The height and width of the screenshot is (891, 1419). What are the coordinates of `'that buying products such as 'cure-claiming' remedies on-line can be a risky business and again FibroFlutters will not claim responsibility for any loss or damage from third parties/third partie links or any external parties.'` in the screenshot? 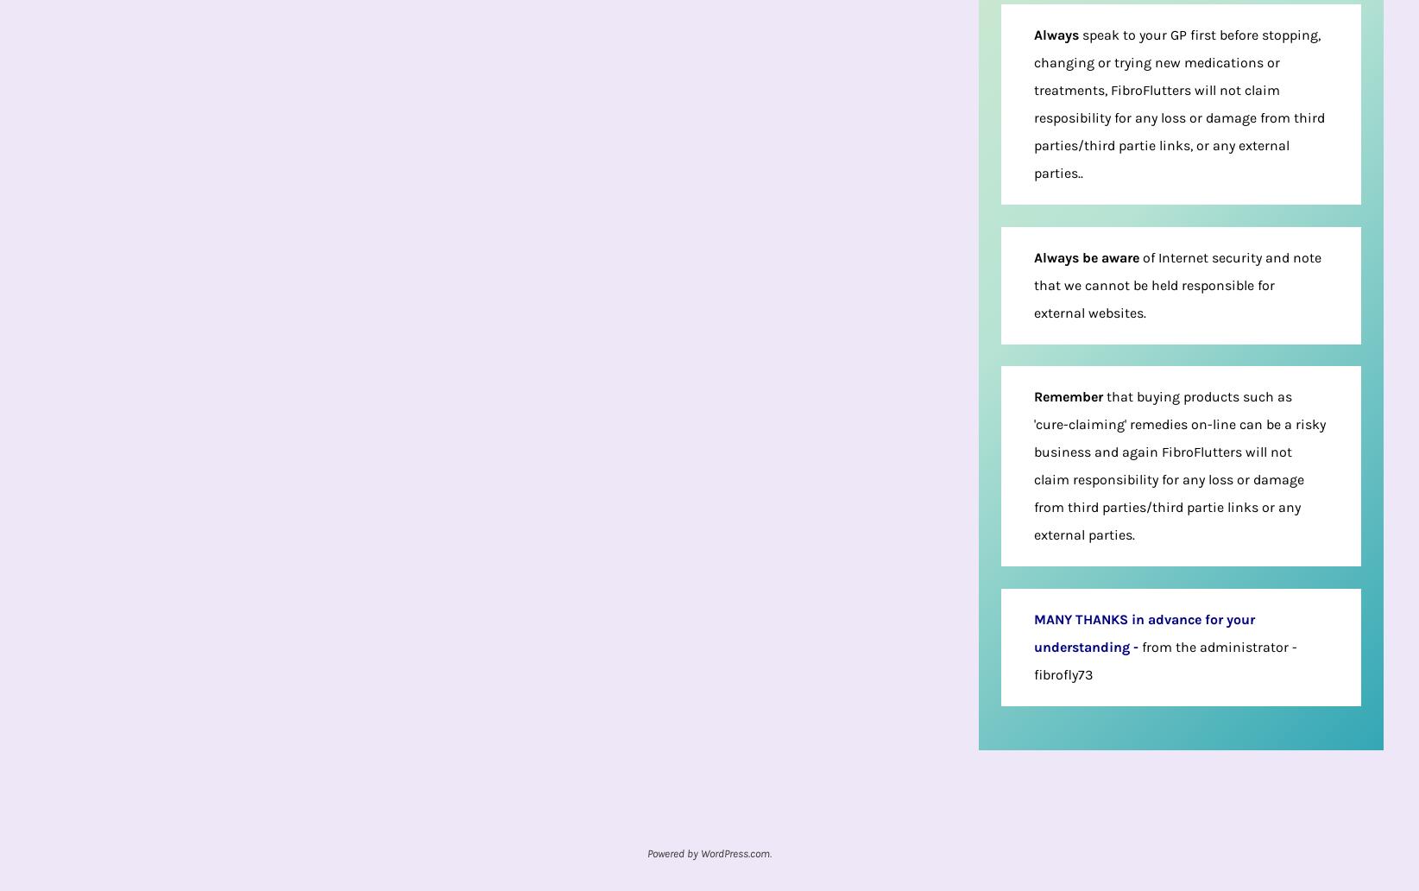 It's located at (1032, 465).